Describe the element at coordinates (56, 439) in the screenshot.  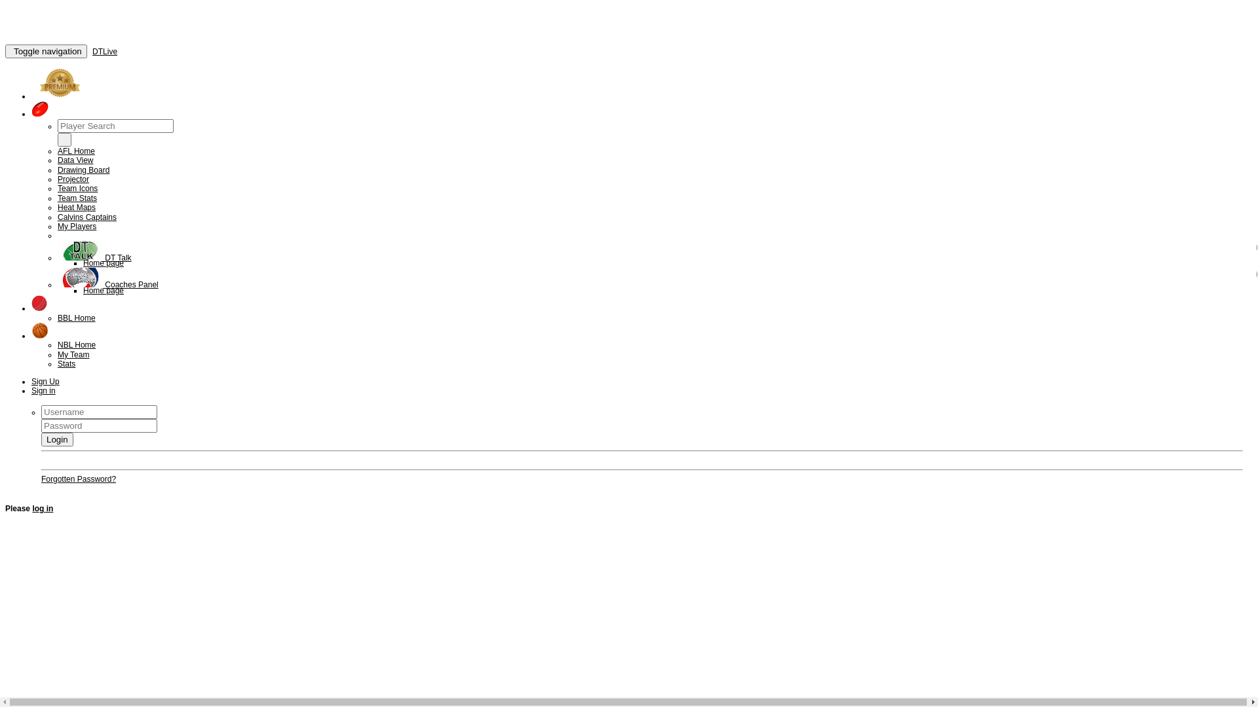
I see `'Login'` at that location.